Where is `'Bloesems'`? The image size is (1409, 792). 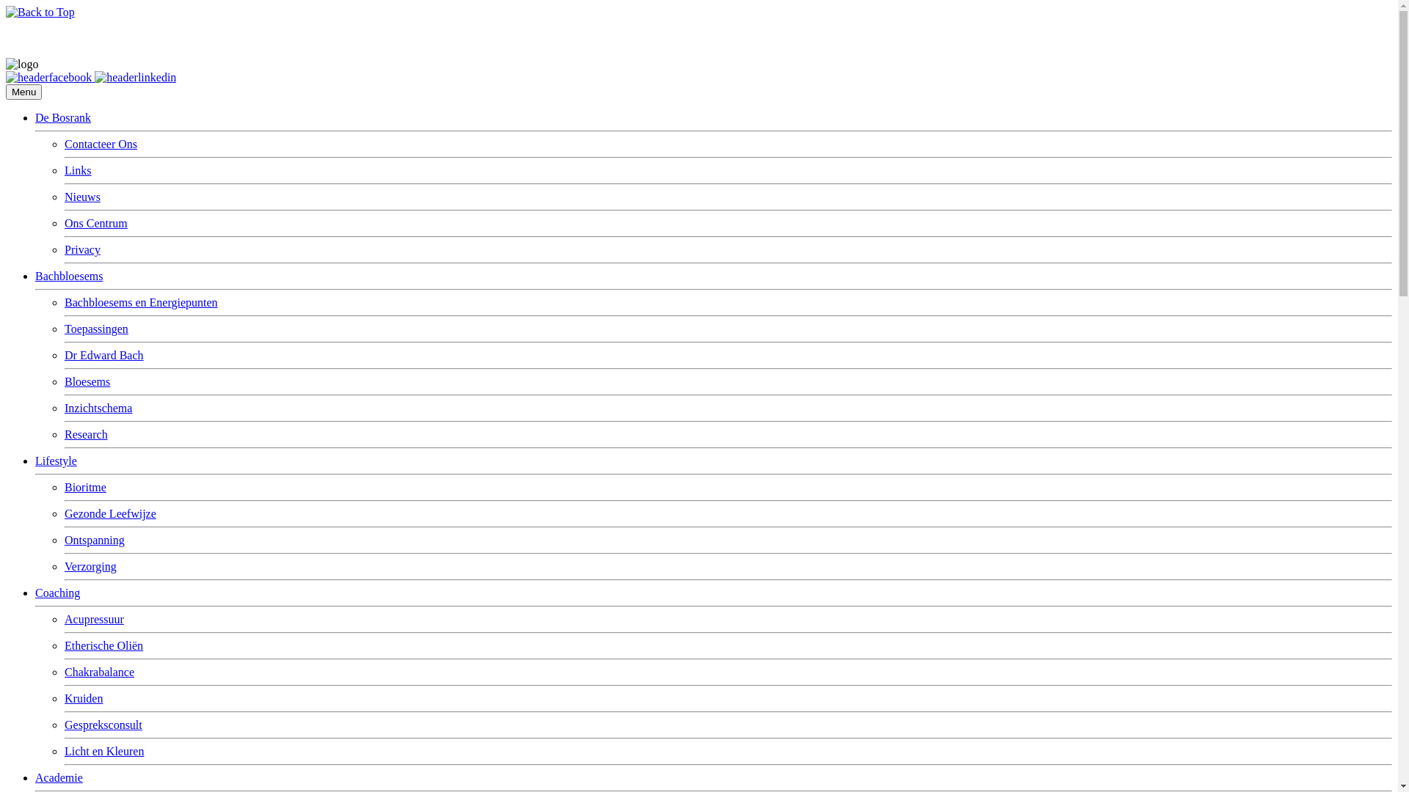
'Bloesems' is located at coordinates (87, 381).